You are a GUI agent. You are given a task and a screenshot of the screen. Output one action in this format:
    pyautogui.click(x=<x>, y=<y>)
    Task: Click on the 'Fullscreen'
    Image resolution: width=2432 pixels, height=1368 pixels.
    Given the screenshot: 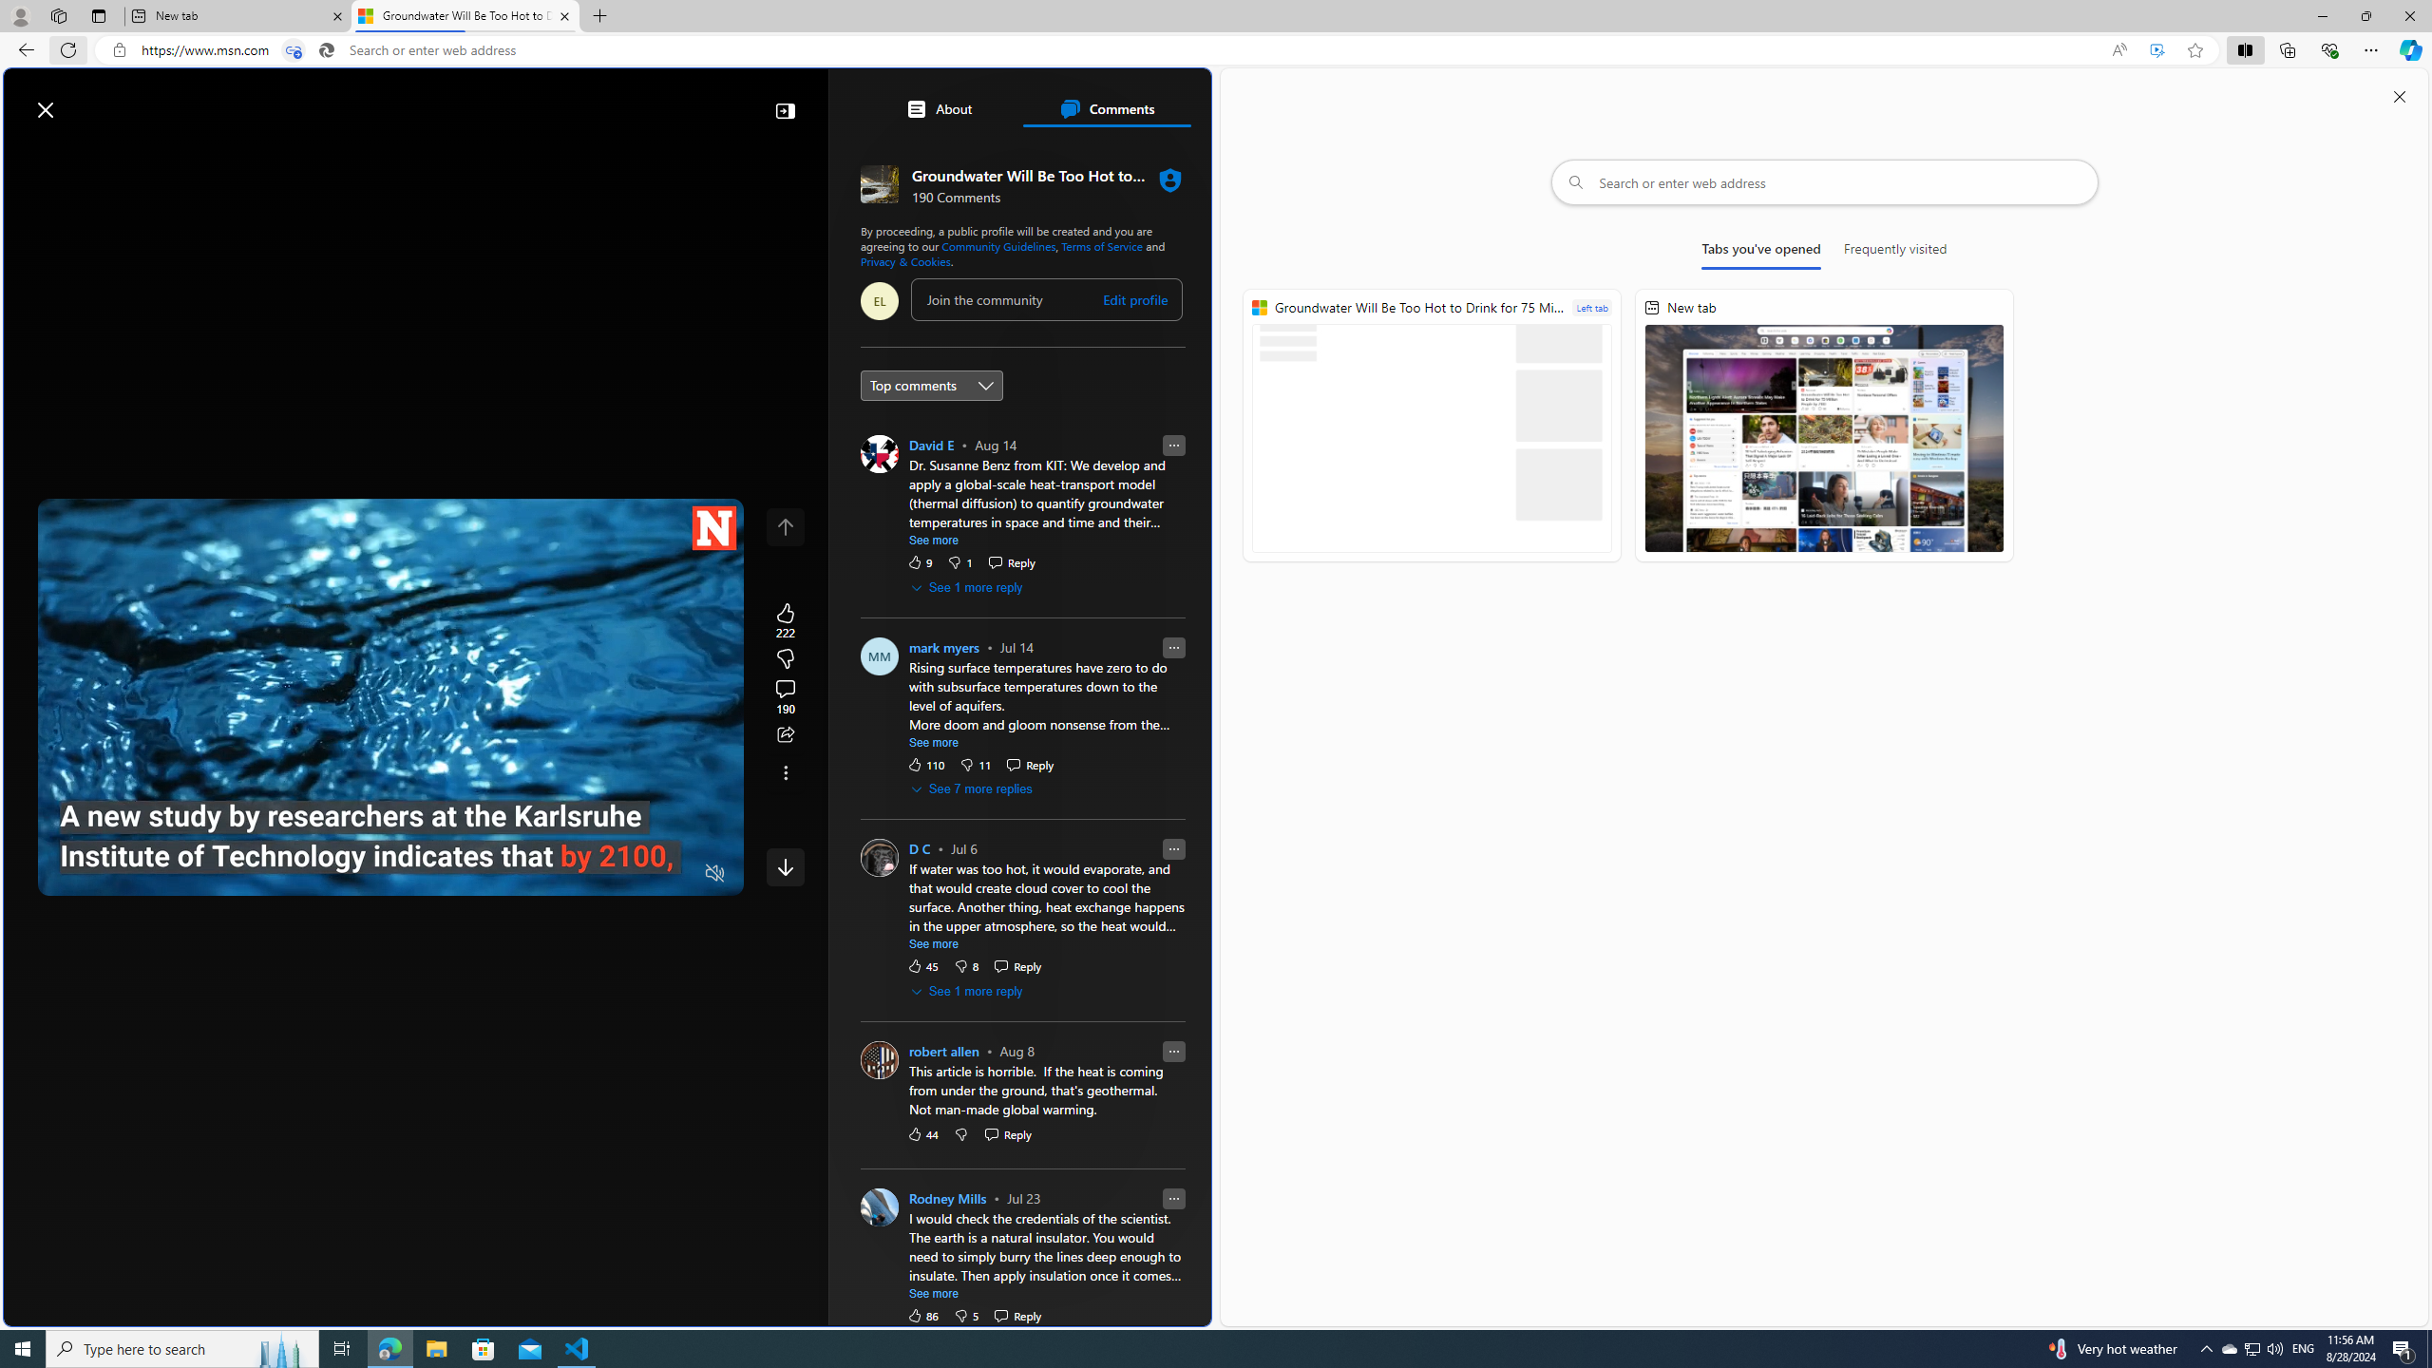 What is the action you would take?
    pyautogui.click(x=677, y=873)
    